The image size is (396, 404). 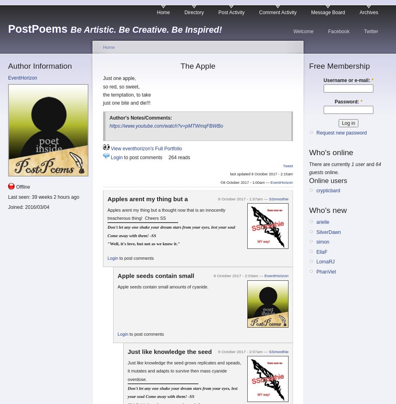 I want to click on 'Just like knowledge the seed', so click(x=170, y=351).